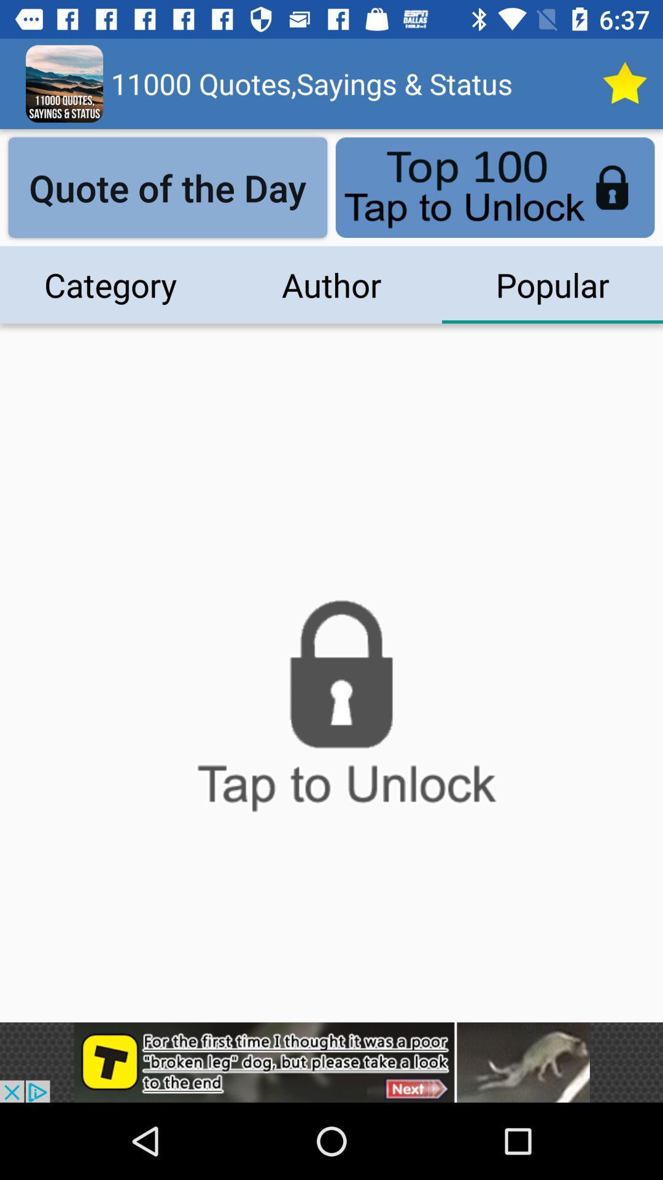  I want to click on selected element, so click(624, 83).